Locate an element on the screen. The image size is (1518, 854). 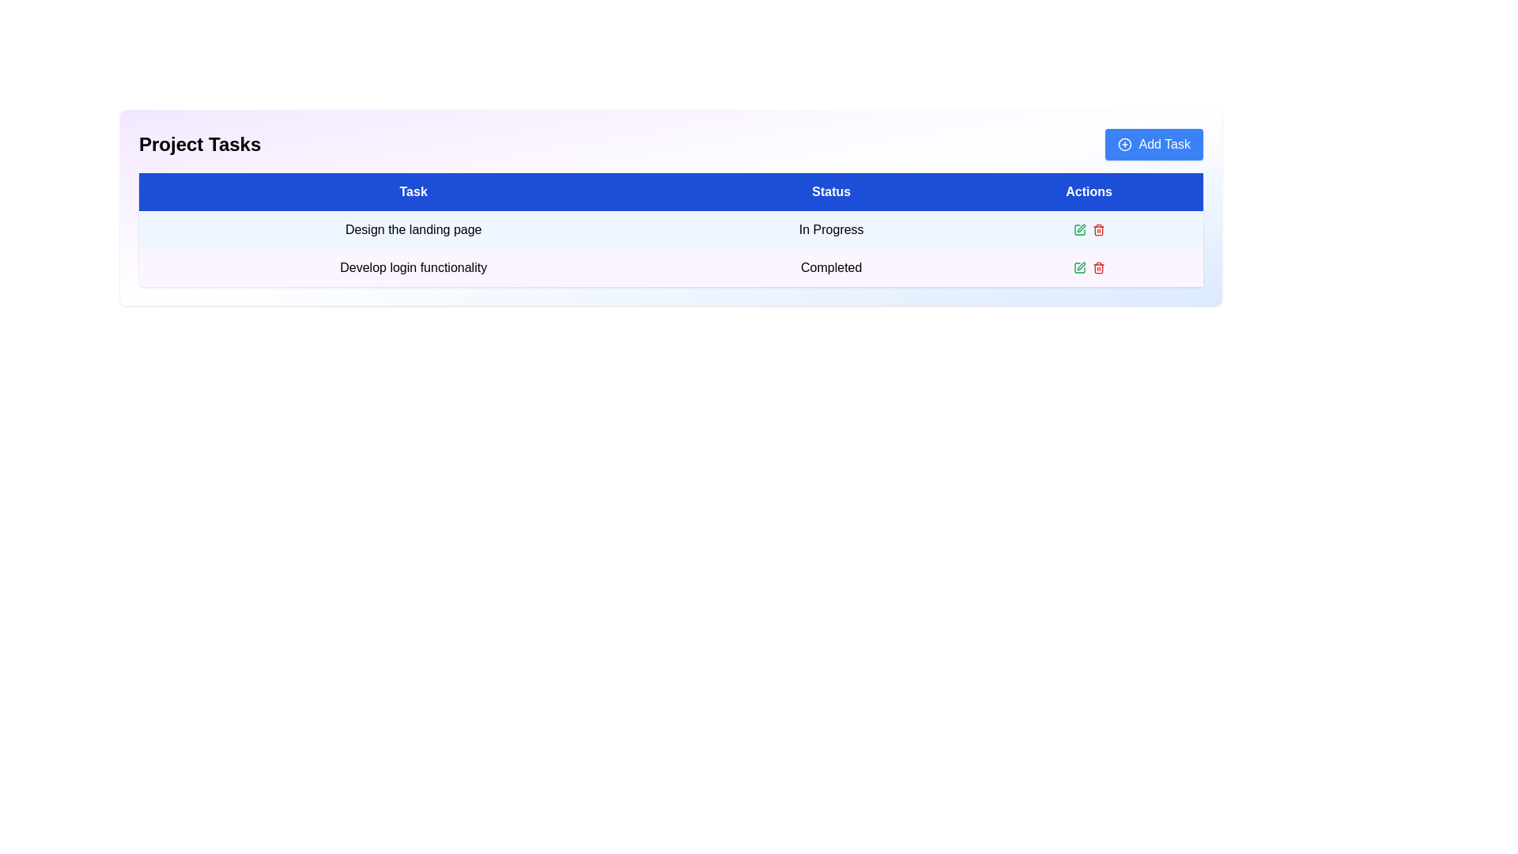
the text label stating 'Develop login functionality' which is positioned under the 'Task' header in the second row of the table is located at coordinates (413, 267).